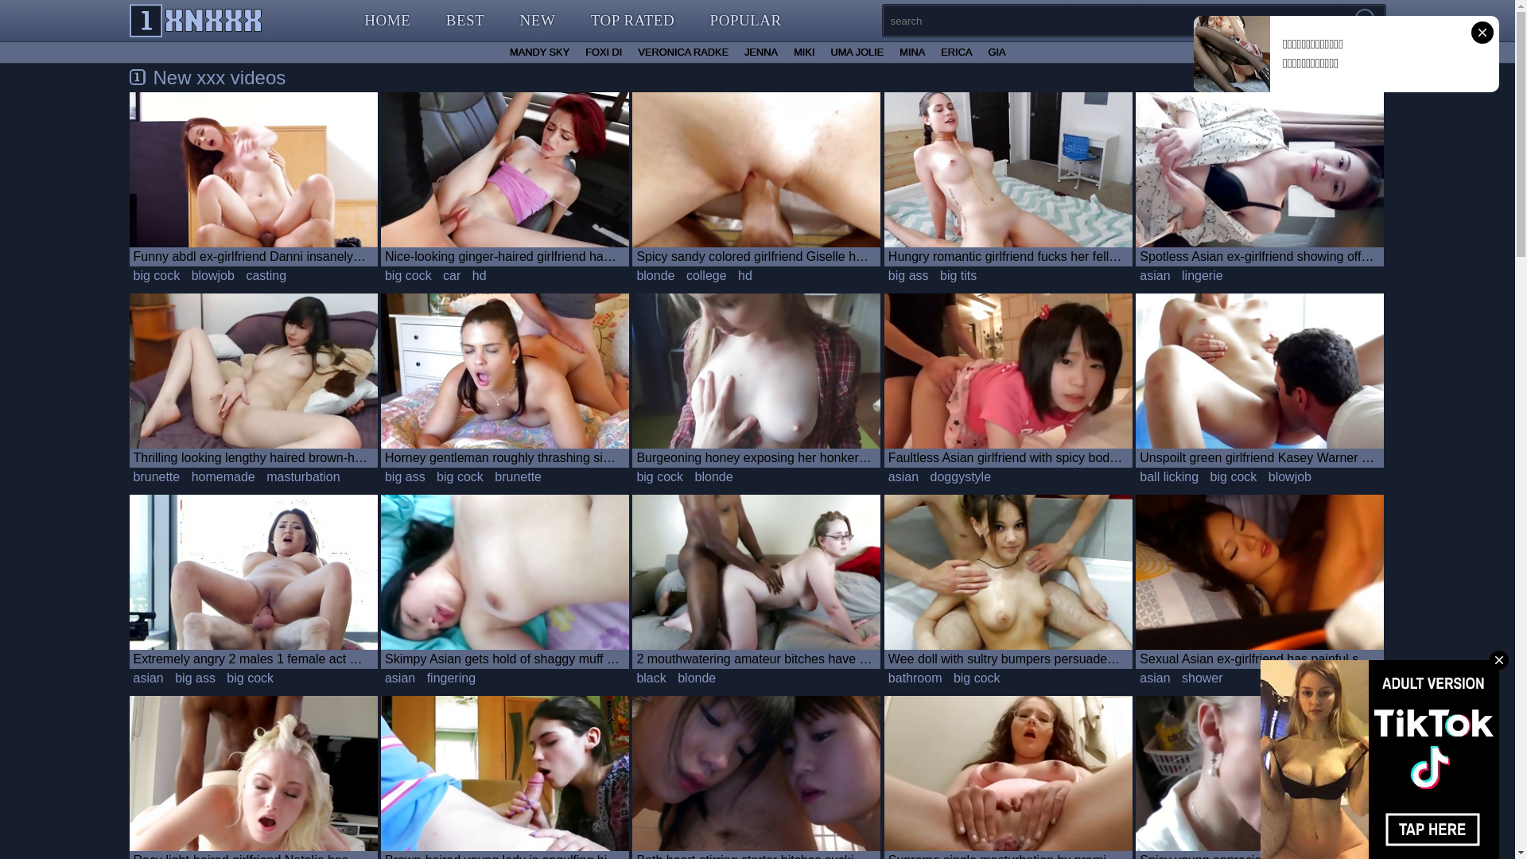 This screenshot has width=1527, height=859. What do you see at coordinates (915, 678) in the screenshot?
I see `'bathroom'` at bounding box center [915, 678].